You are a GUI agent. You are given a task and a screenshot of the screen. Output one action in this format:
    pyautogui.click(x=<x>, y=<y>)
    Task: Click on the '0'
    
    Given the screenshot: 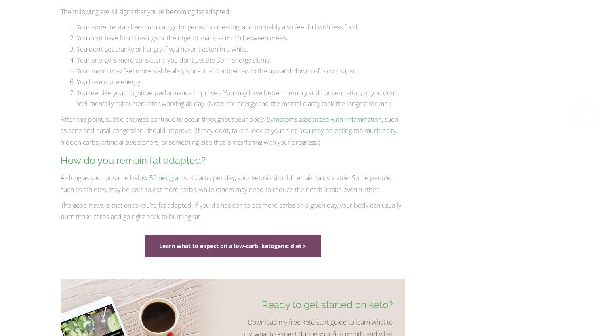 What is the action you would take?
    pyautogui.click(x=328, y=35)
    